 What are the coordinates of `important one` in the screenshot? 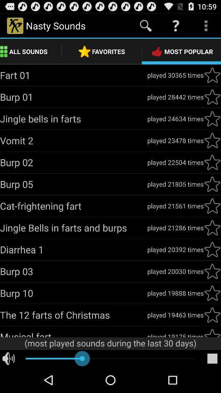 It's located at (212, 162).